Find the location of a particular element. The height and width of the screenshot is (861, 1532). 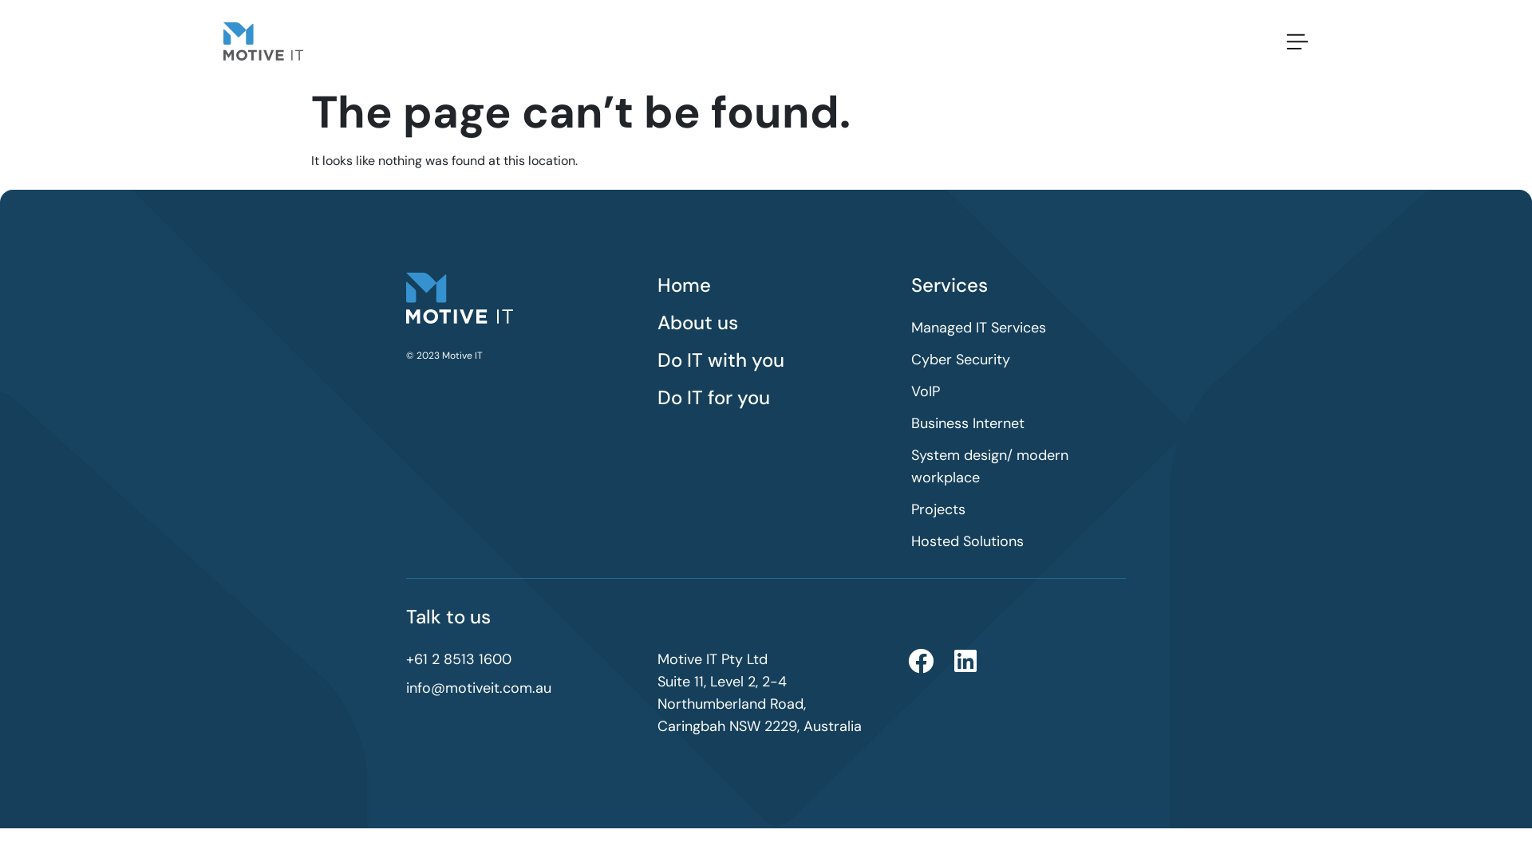

'About us' is located at coordinates (657, 322).